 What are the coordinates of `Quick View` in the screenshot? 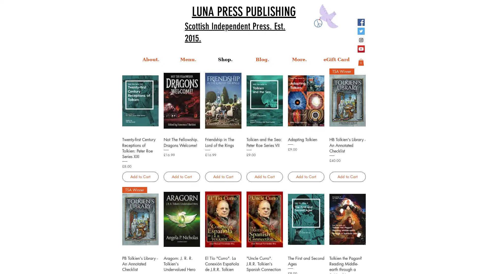 It's located at (264, 258).